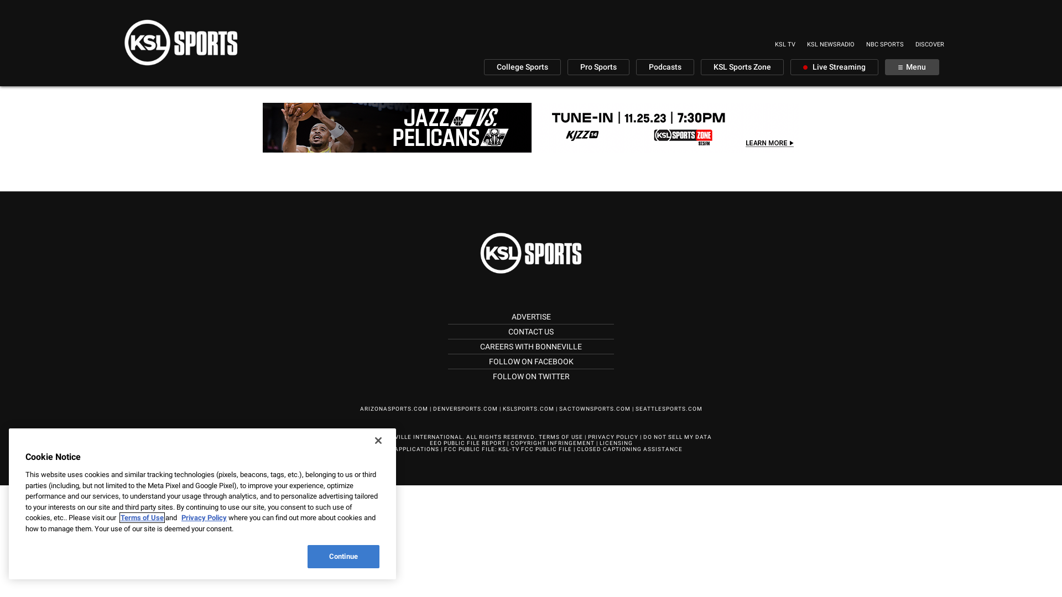 Image resolution: width=1062 pixels, height=597 pixels. I want to click on 'FOLLOW ON TWITTER', so click(530, 376).